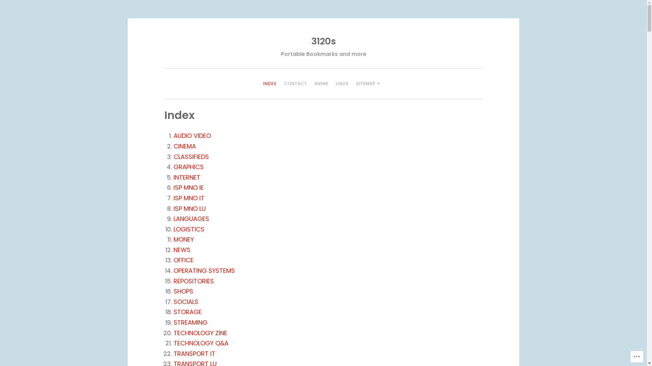  I want to click on 'MONEY', so click(184, 239).